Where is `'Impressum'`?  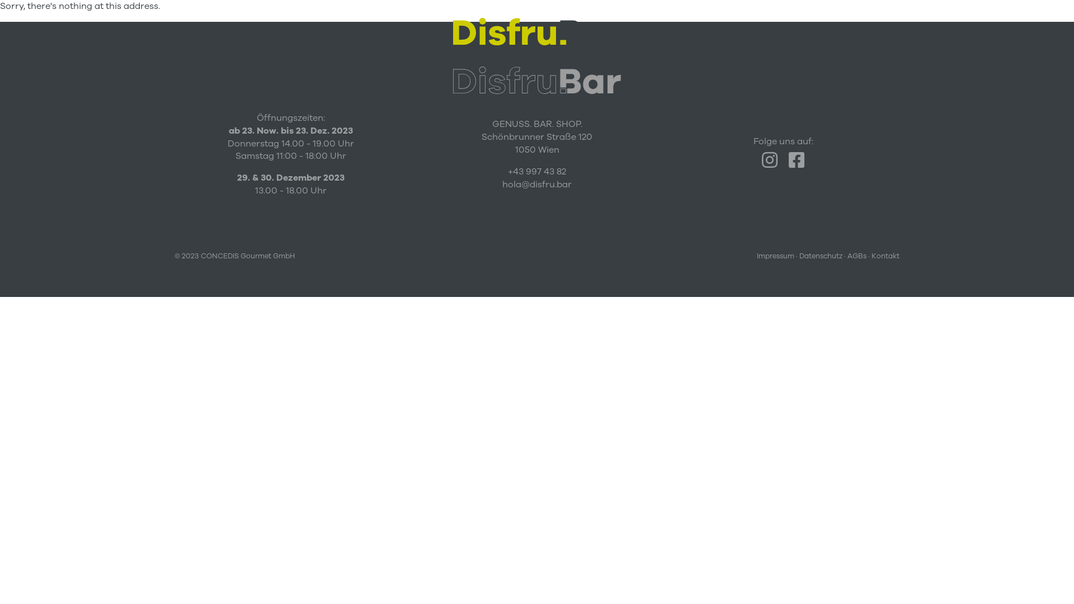 'Impressum' is located at coordinates (775, 256).